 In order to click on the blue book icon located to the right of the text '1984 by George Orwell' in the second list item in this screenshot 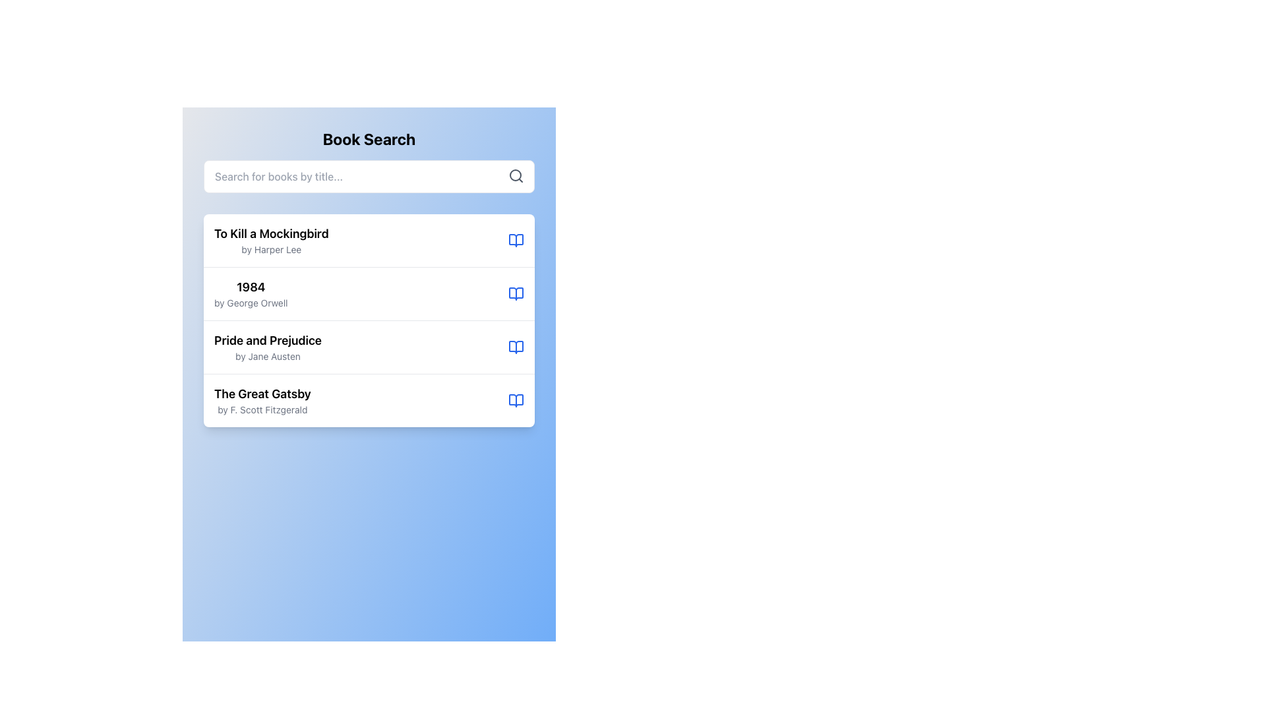, I will do `click(515, 293)`.